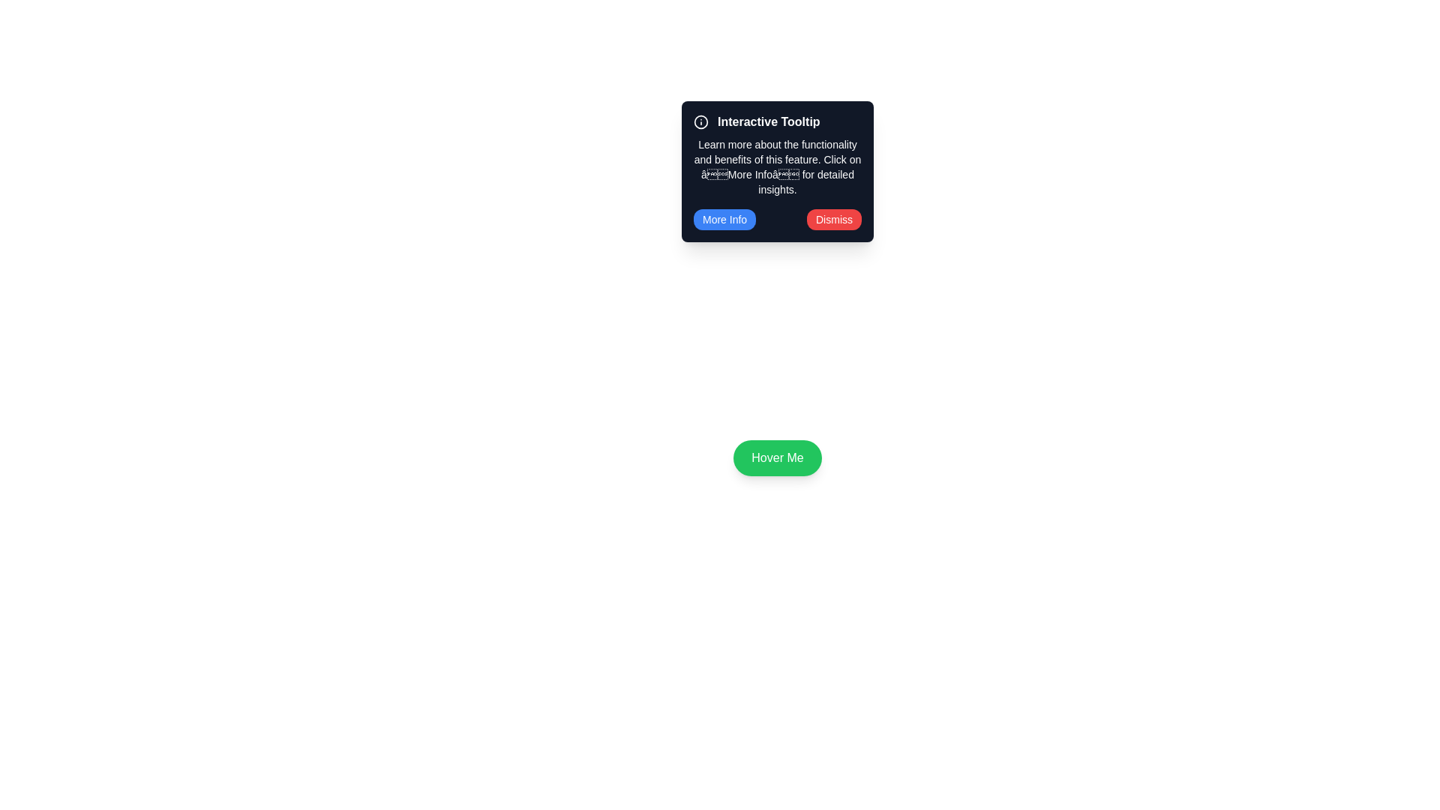  Describe the element at coordinates (833, 220) in the screenshot. I see `the dismiss button located in the bottom-right corner of the tooltip` at that location.